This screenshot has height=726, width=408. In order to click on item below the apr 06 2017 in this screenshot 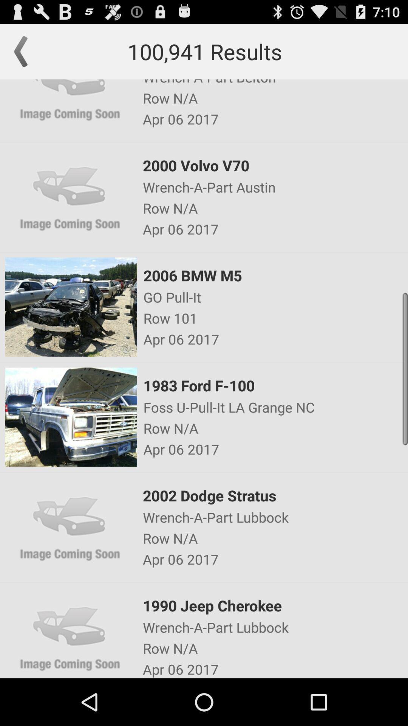, I will do `click(275, 165)`.